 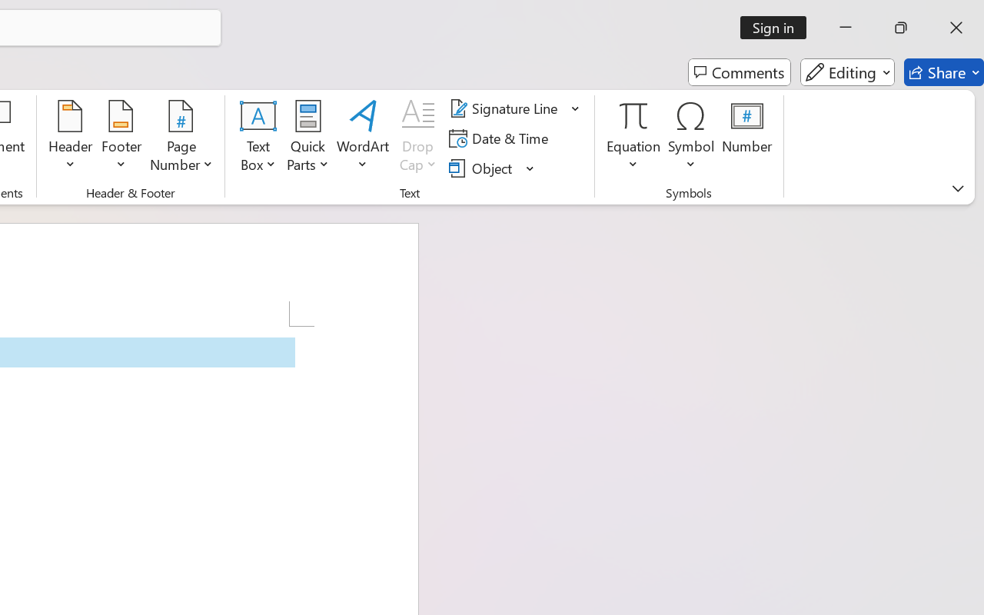 What do you see at coordinates (70, 138) in the screenshot?
I see `'Header'` at bounding box center [70, 138].